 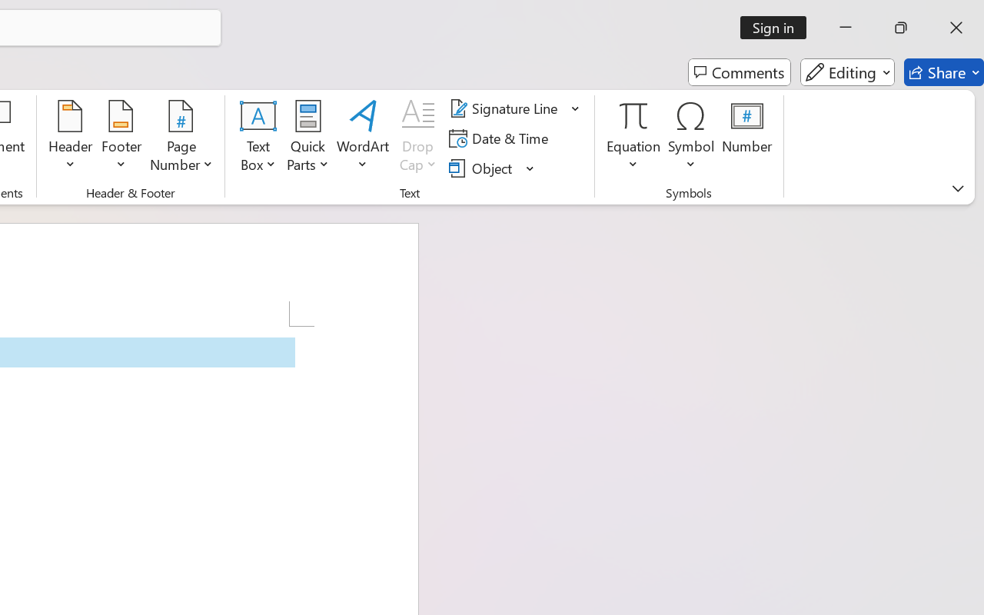 What do you see at coordinates (70, 138) in the screenshot?
I see `'Header'` at bounding box center [70, 138].